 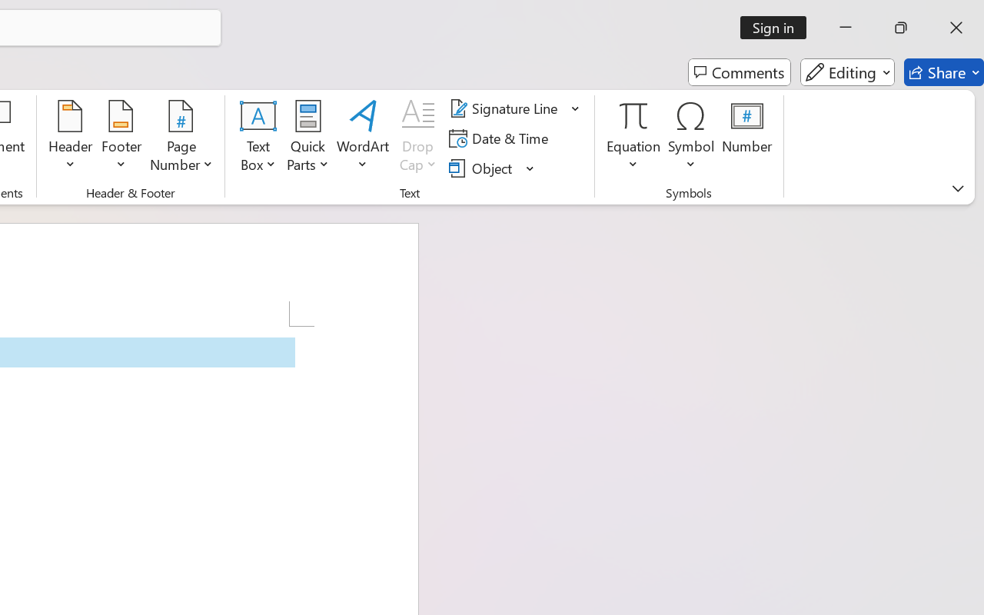 What do you see at coordinates (70, 138) in the screenshot?
I see `'Header'` at bounding box center [70, 138].